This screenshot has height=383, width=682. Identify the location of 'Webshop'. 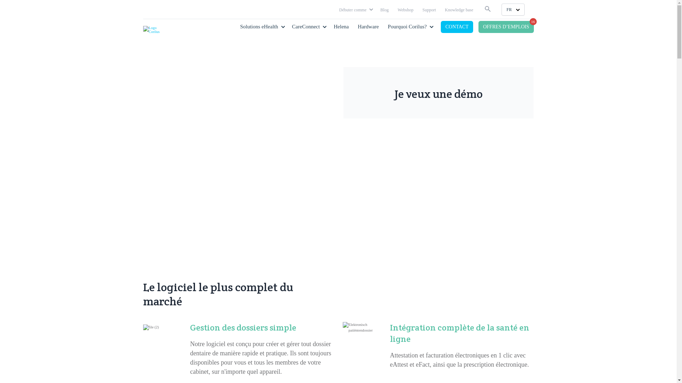
(406, 10).